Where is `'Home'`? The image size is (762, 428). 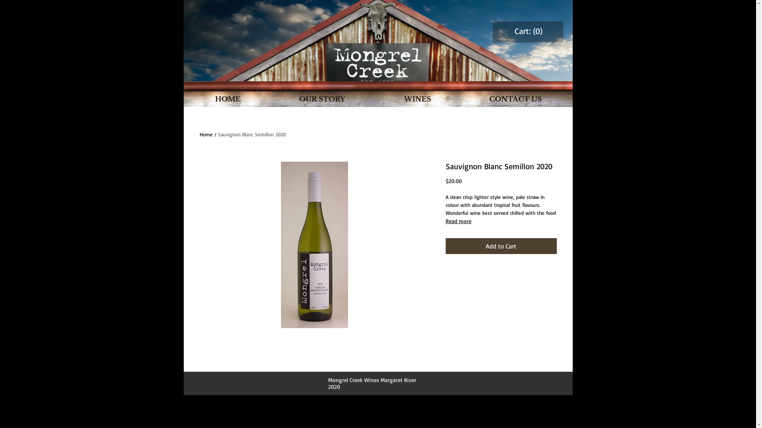
'Home' is located at coordinates (206, 134).